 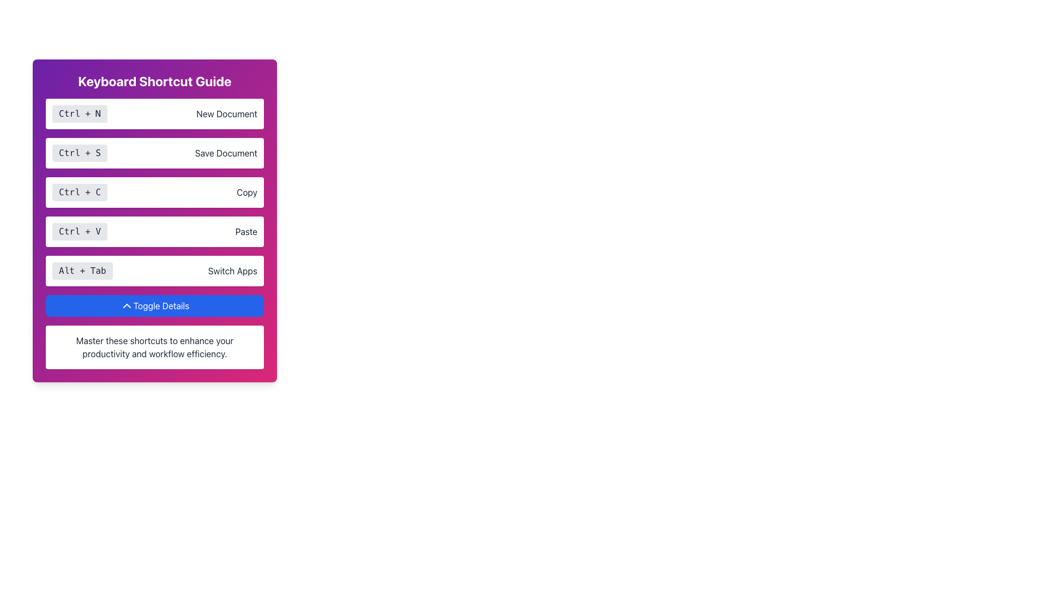 I want to click on the upward-facing chevron icon inside the 'Toggle Details' button, so click(x=127, y=305).